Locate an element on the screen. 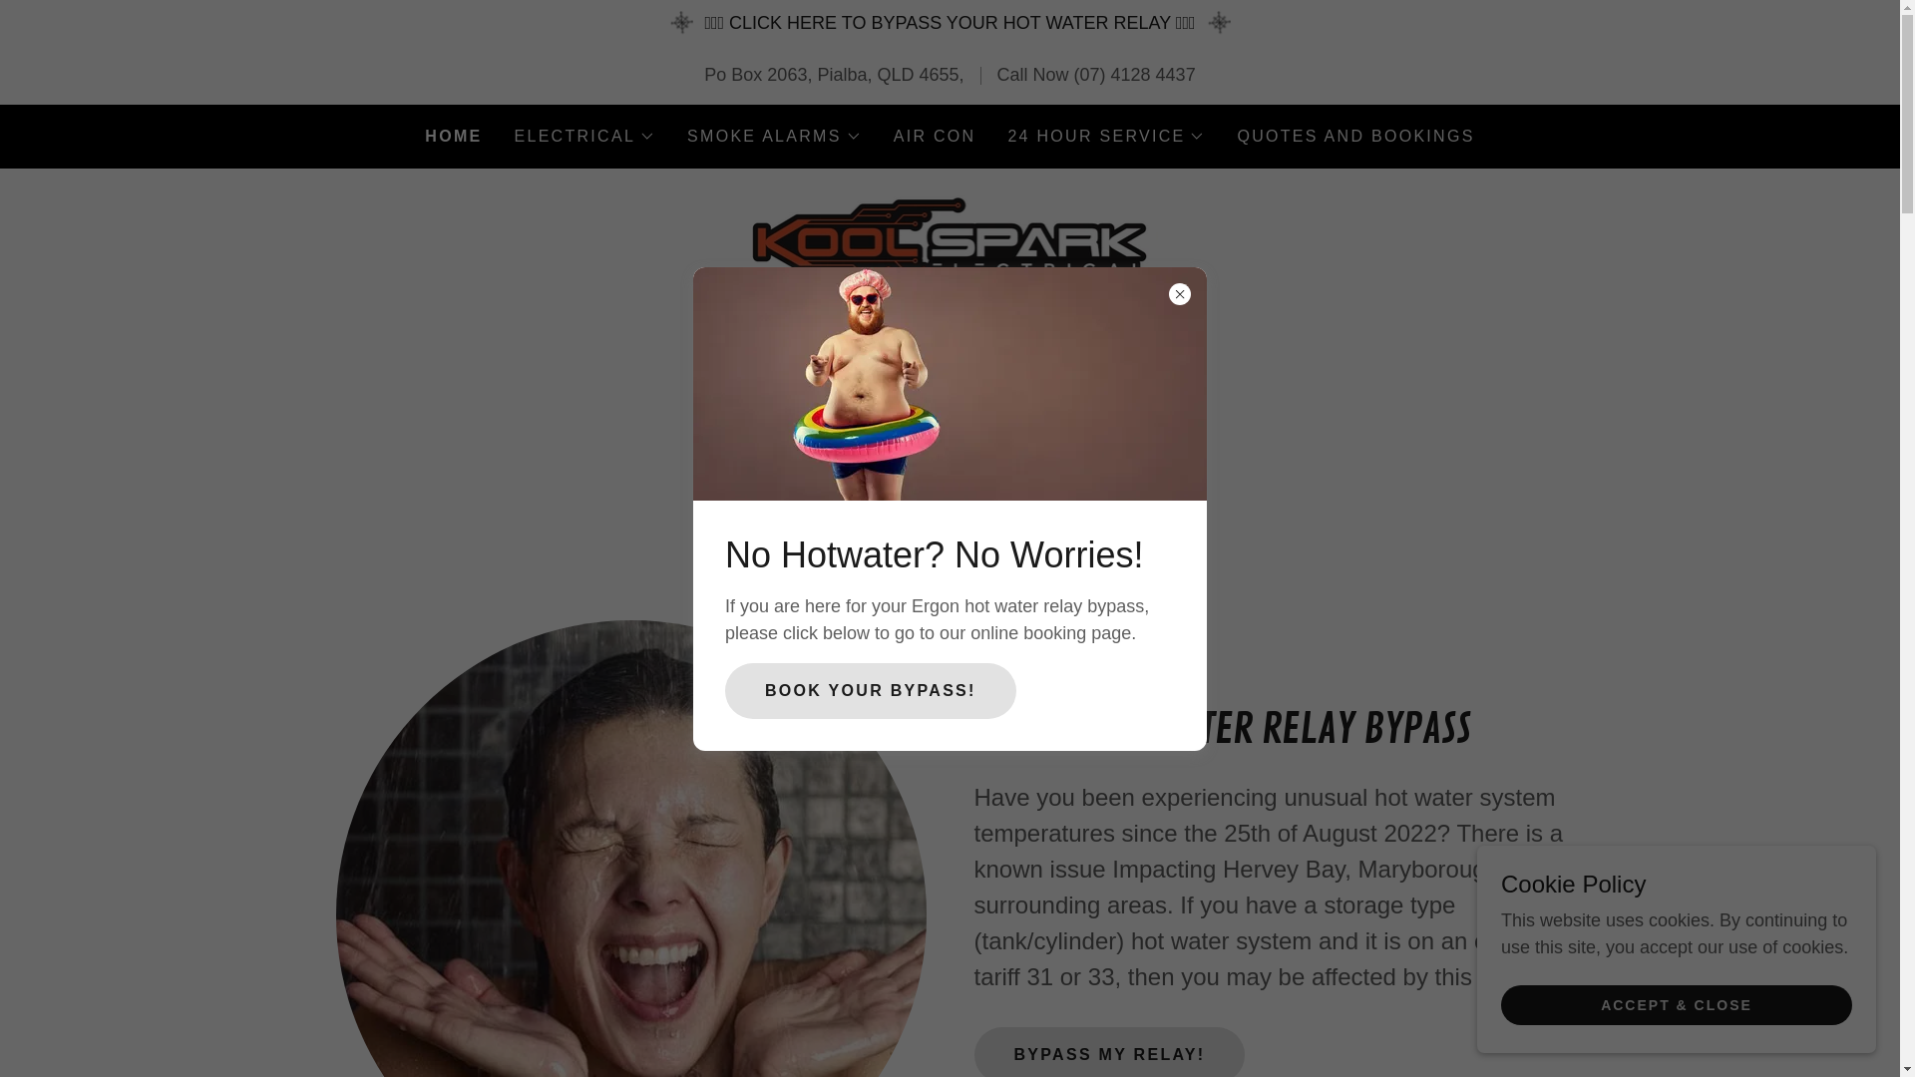  'SMOKE ALARMS' is located at coordinates (687, 136).